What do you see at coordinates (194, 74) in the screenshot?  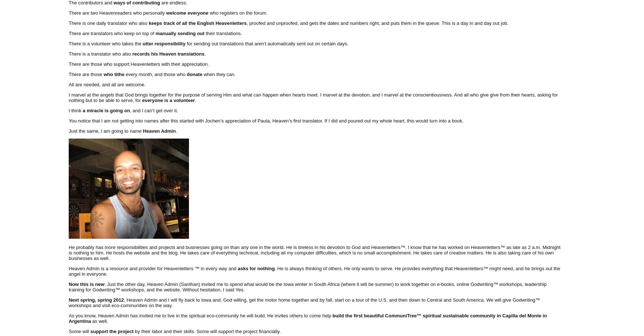 I see `'donate'` at bounding box center [194, 74].